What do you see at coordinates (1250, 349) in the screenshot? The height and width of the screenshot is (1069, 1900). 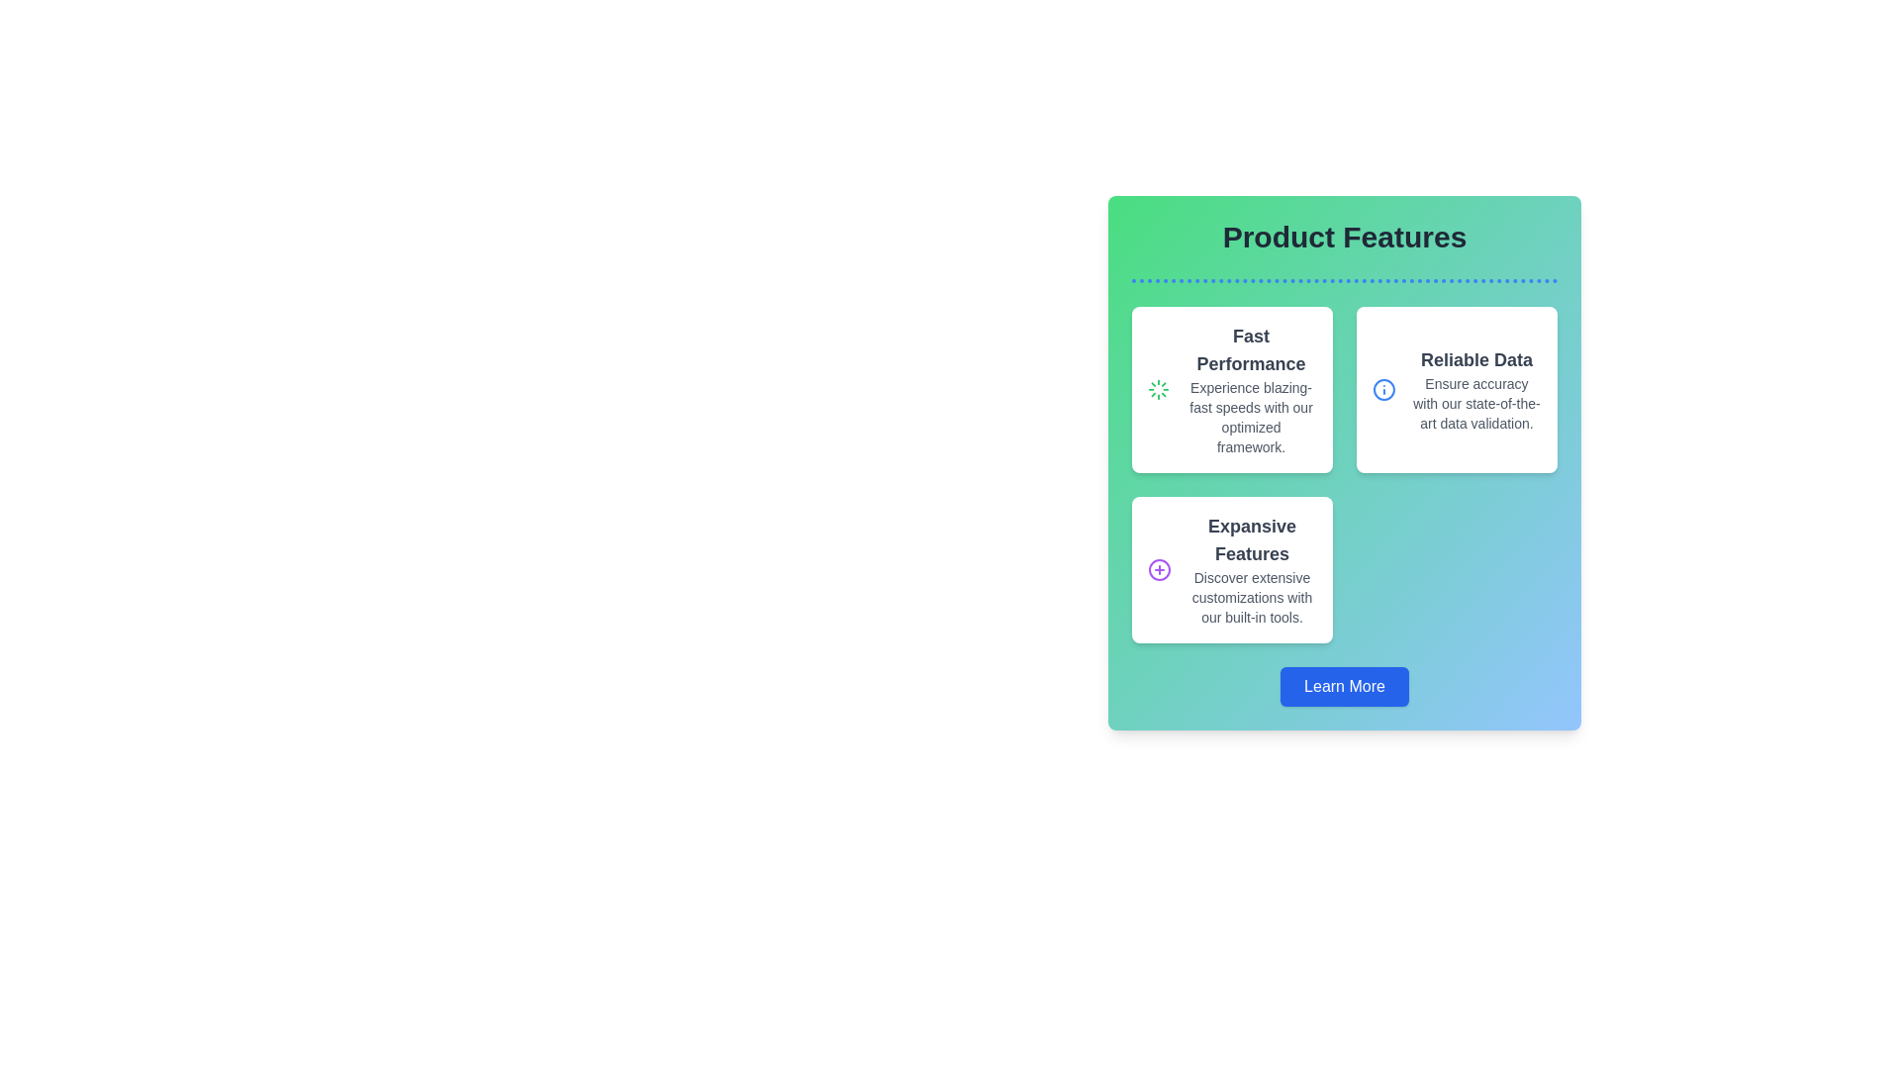 I see `the Label displaying 'Fast Performance' in bold, large gray text, located at the top center of the first card under the 'Product Features' section` at bounding box center [1250, 349].